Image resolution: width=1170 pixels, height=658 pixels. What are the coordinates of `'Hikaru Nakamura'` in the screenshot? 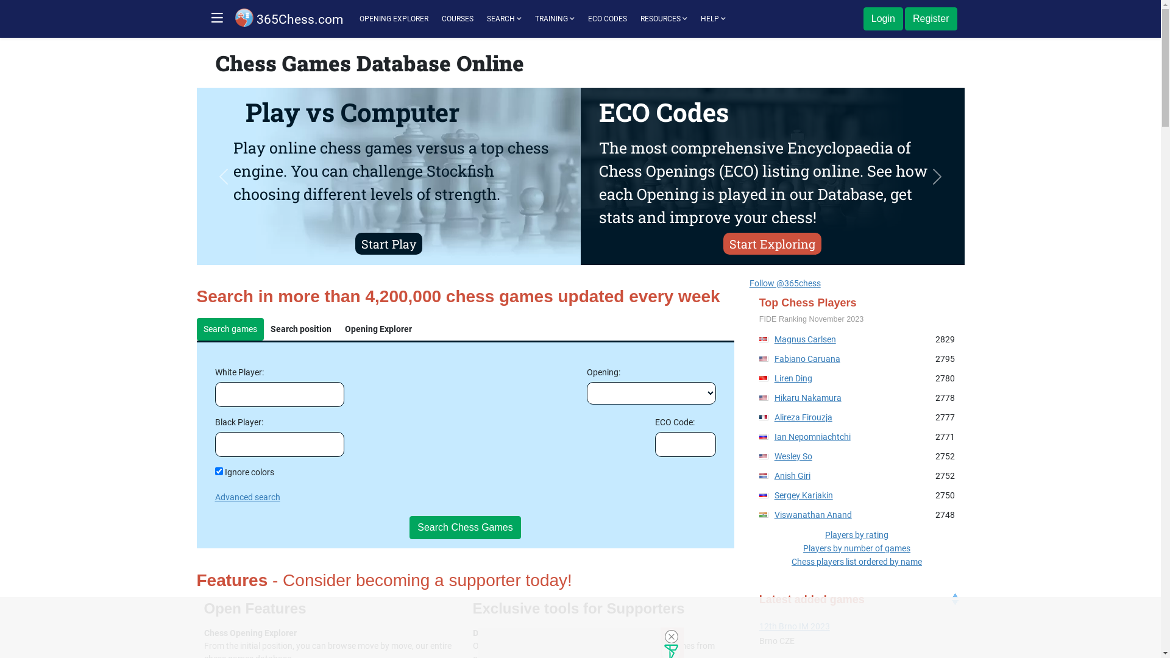 It's located at (807, 397).